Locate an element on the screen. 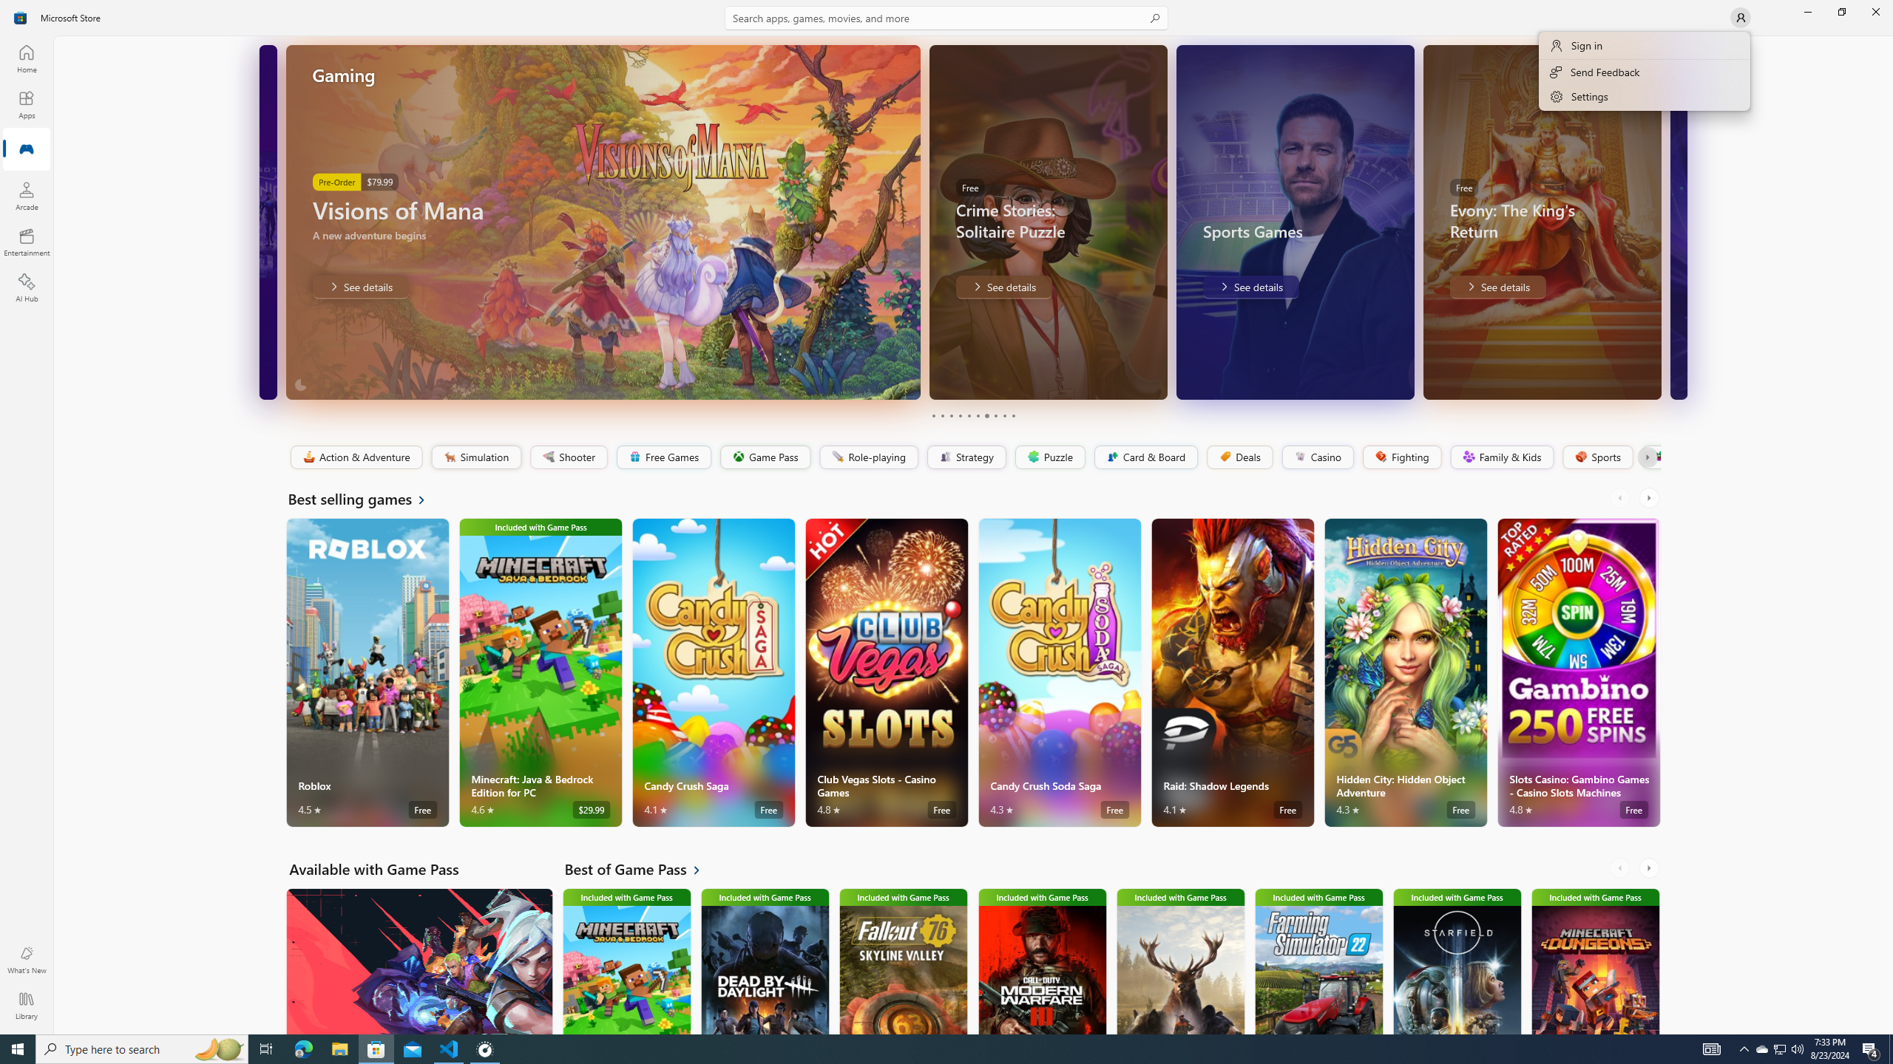 The width and height of the screenshot is (1893, 1064). 'Page 4' is located at coordinates (958, 415).